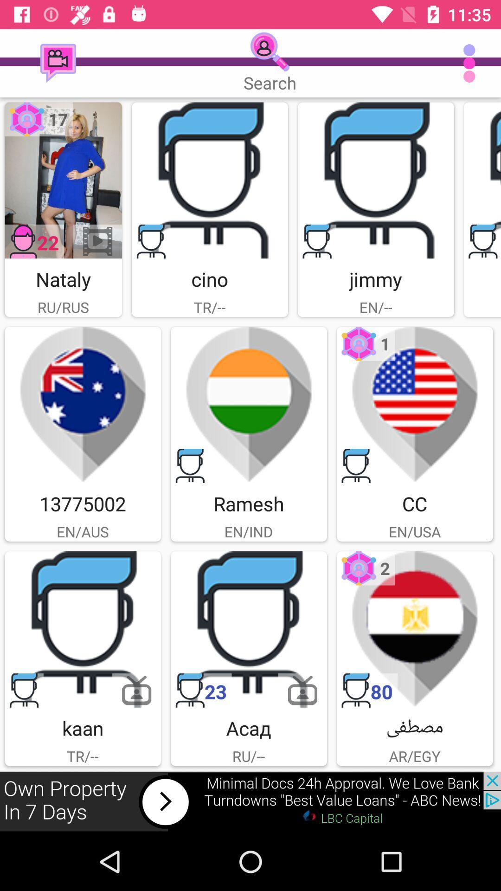 The height and width of the screenshot is (891, 501). Describe the element at coordinates (376, 180) in the screenshot. I see `advertisement` at that location.